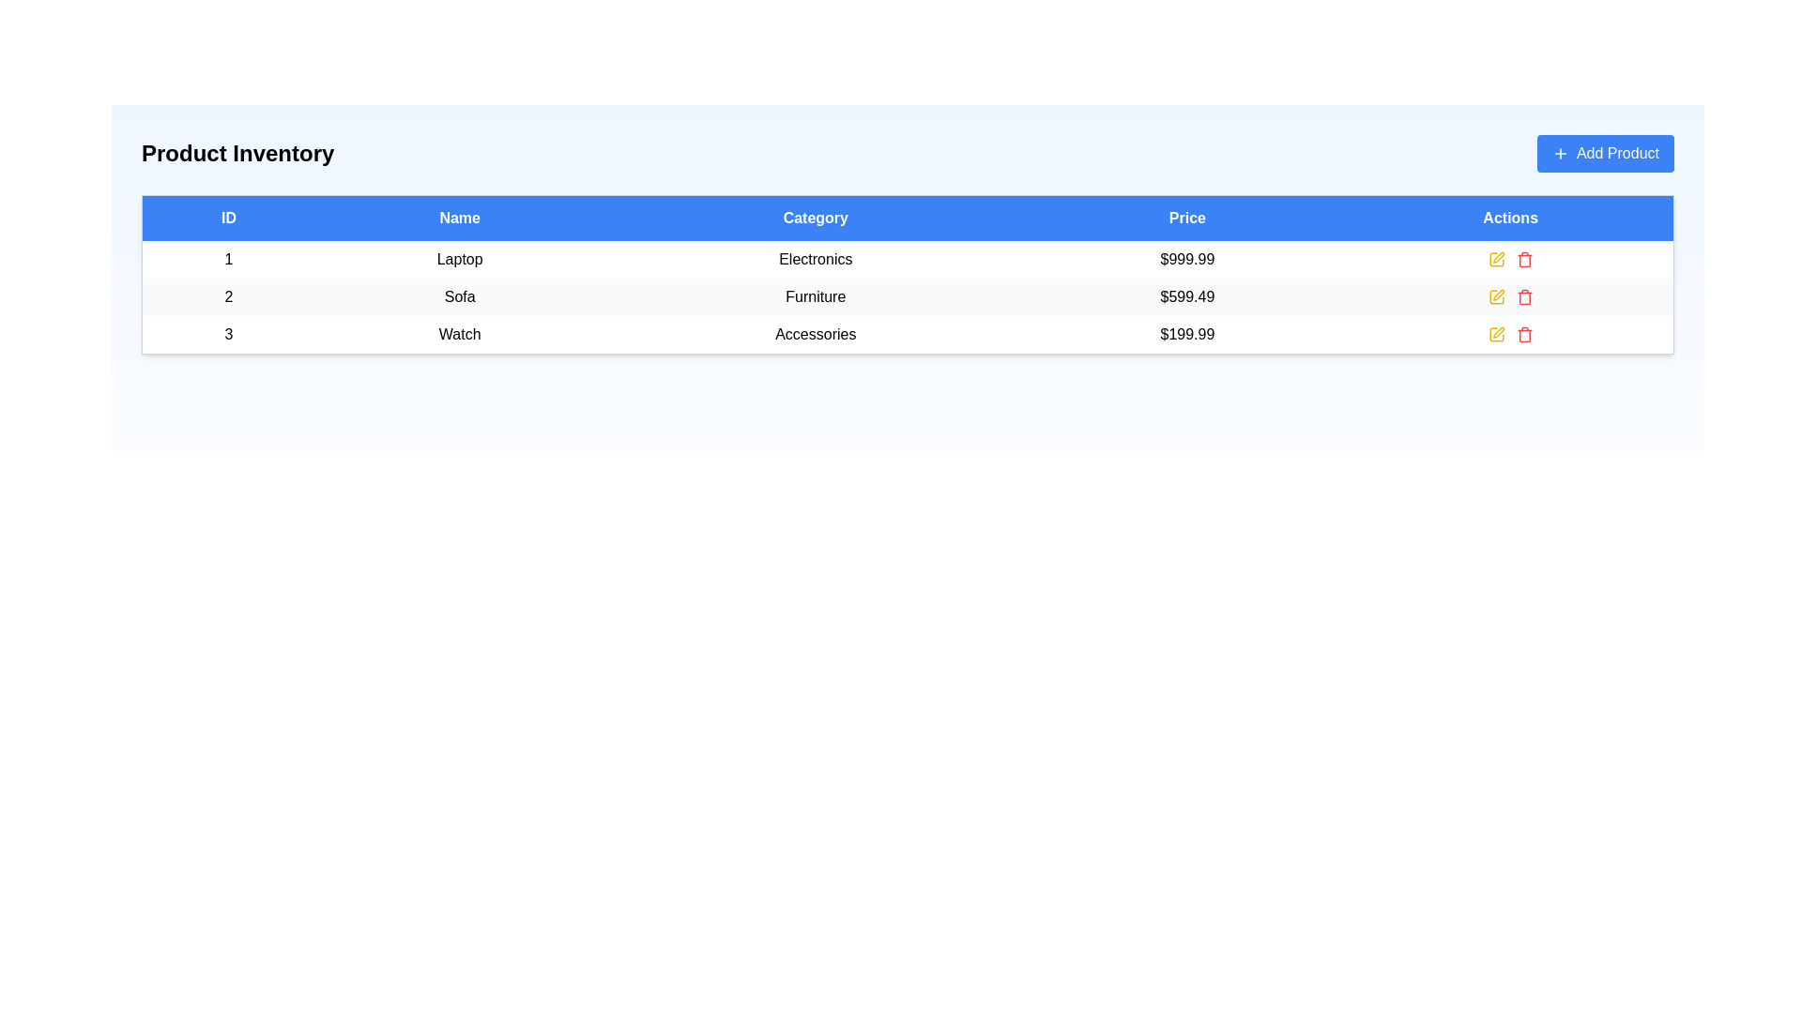  I want to click on the Edit Icon (SVG) in the Actions column of the table for the item labeled 'Laptop', so click(1497, 256).